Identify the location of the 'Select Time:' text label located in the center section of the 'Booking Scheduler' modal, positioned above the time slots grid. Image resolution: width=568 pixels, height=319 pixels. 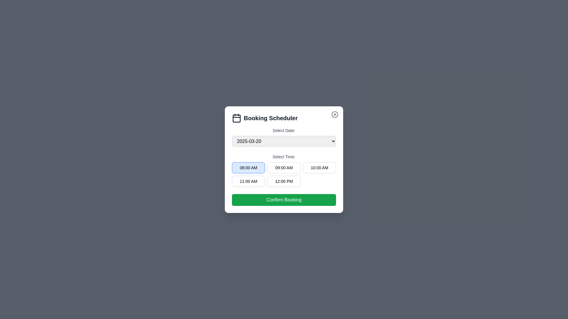
(284, 156).